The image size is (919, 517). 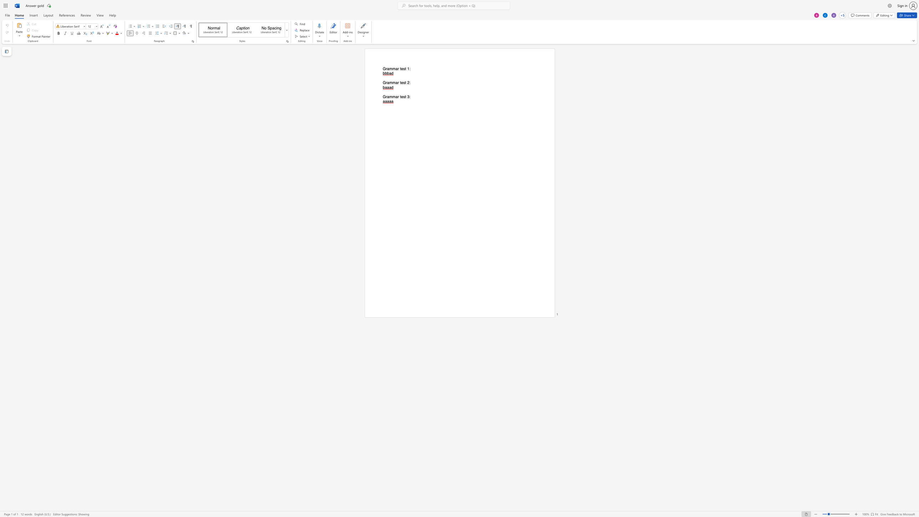 What do you see at coordinates (408, 82) in the screenshot?
I see `the space between the continuous character "2" and ":" in the text` at bounding box center [408, 82].